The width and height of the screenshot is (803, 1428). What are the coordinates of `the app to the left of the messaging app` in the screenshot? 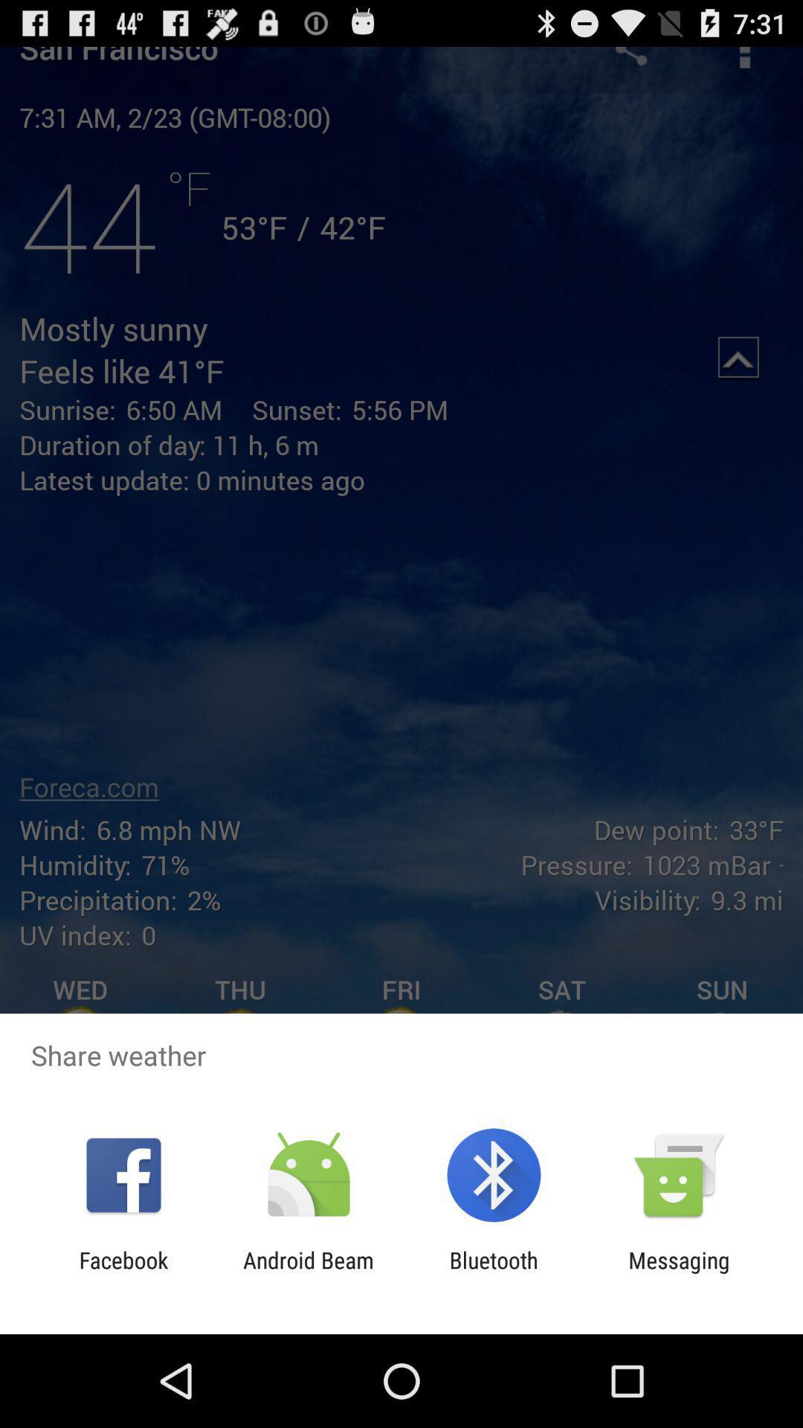 It's located at (494, 1273).